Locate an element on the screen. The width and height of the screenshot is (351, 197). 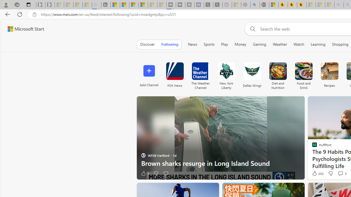
'1 Like' is located at coordinates (145, 173).